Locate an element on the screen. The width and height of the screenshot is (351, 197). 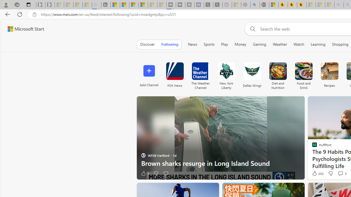
'1 Like' is located at coordinates (145, 173).